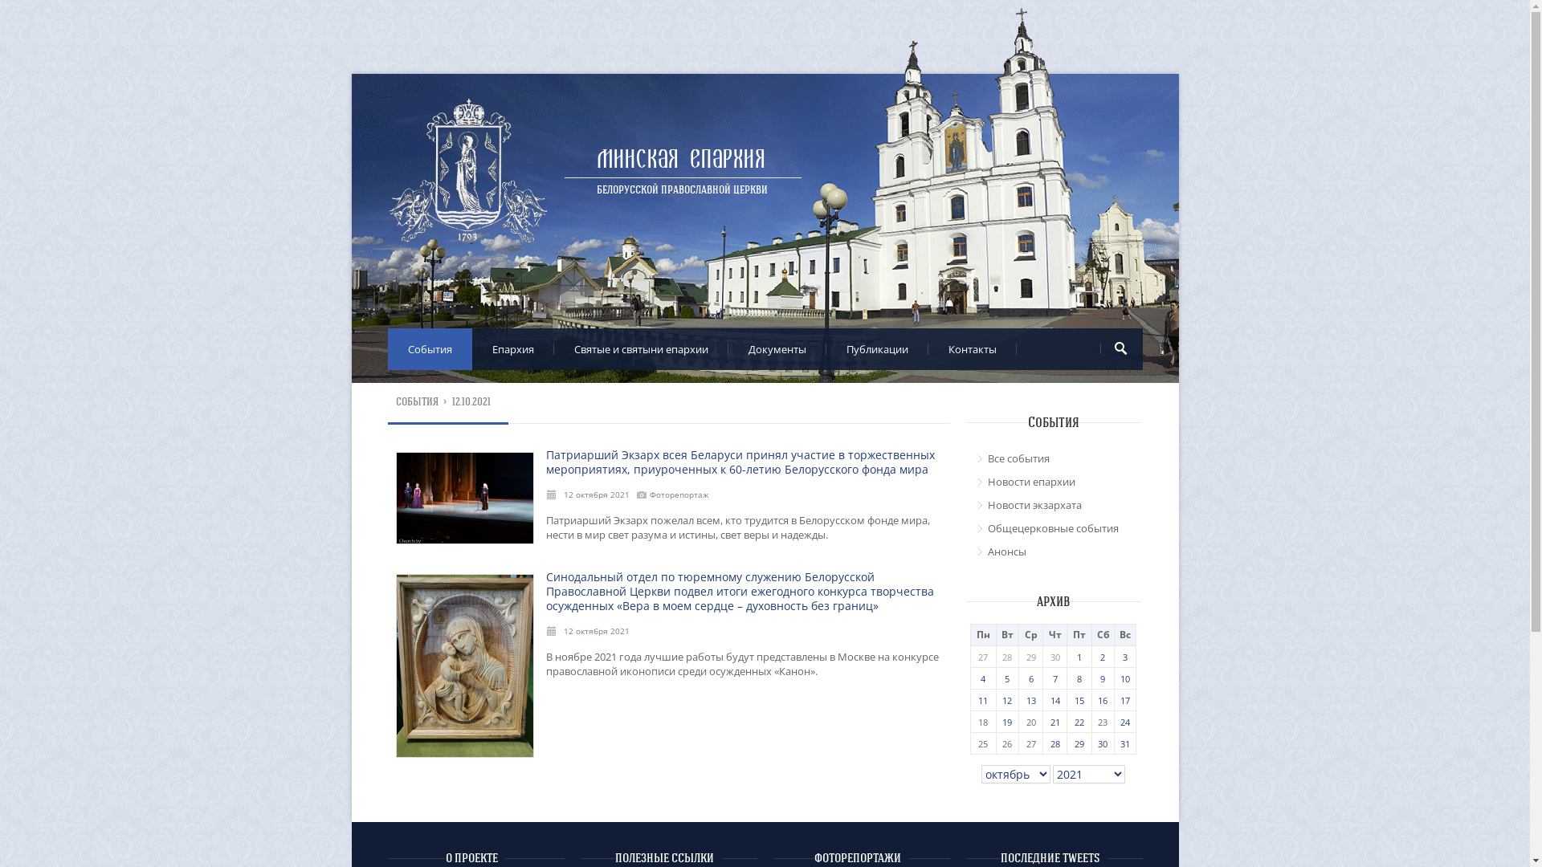 The height and width of the screenshot is (867, 1542). What do you see at coordinates (1079, 678) in the screenshot?
I see `'8'` at bounding box center [1079, 678].